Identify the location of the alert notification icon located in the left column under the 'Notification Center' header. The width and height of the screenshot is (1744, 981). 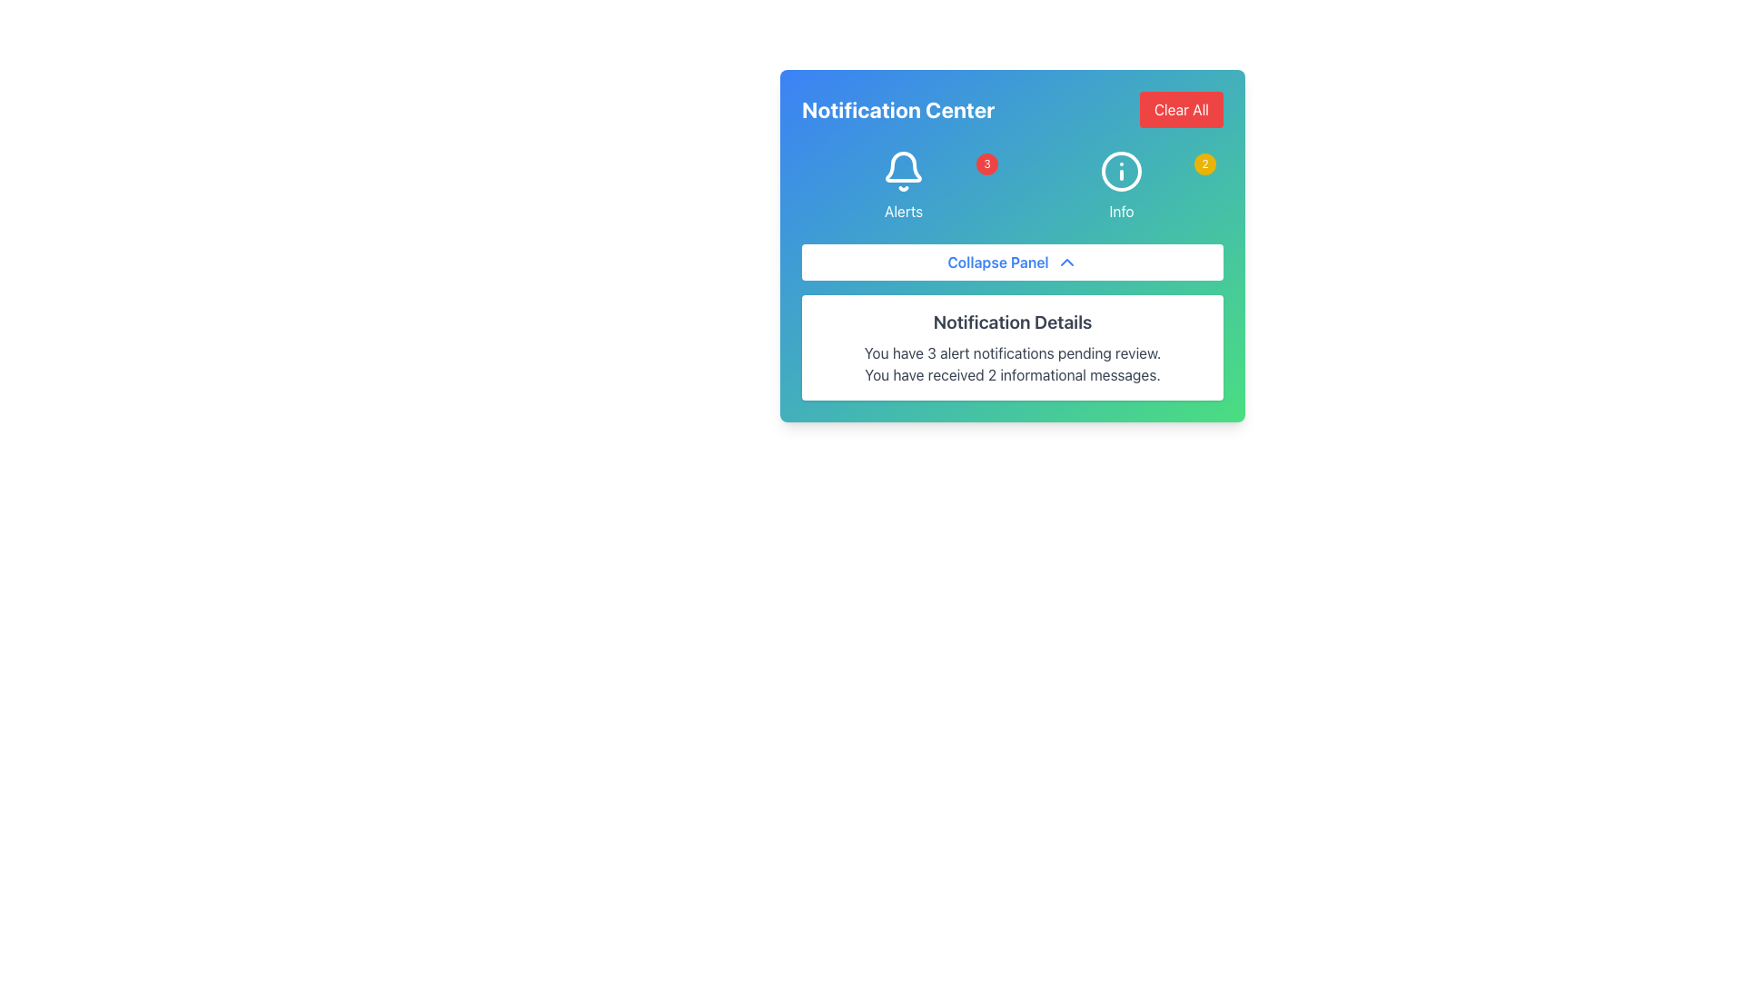
(903, 185).